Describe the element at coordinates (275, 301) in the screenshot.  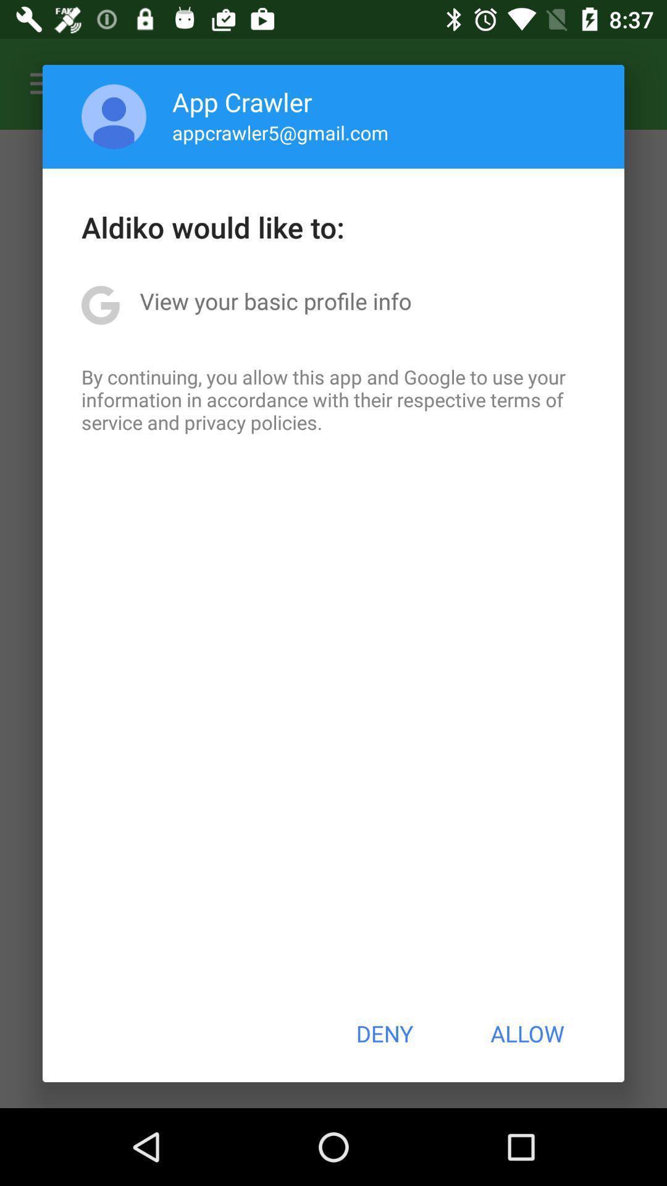
I see `the view your basic icon` at that location.